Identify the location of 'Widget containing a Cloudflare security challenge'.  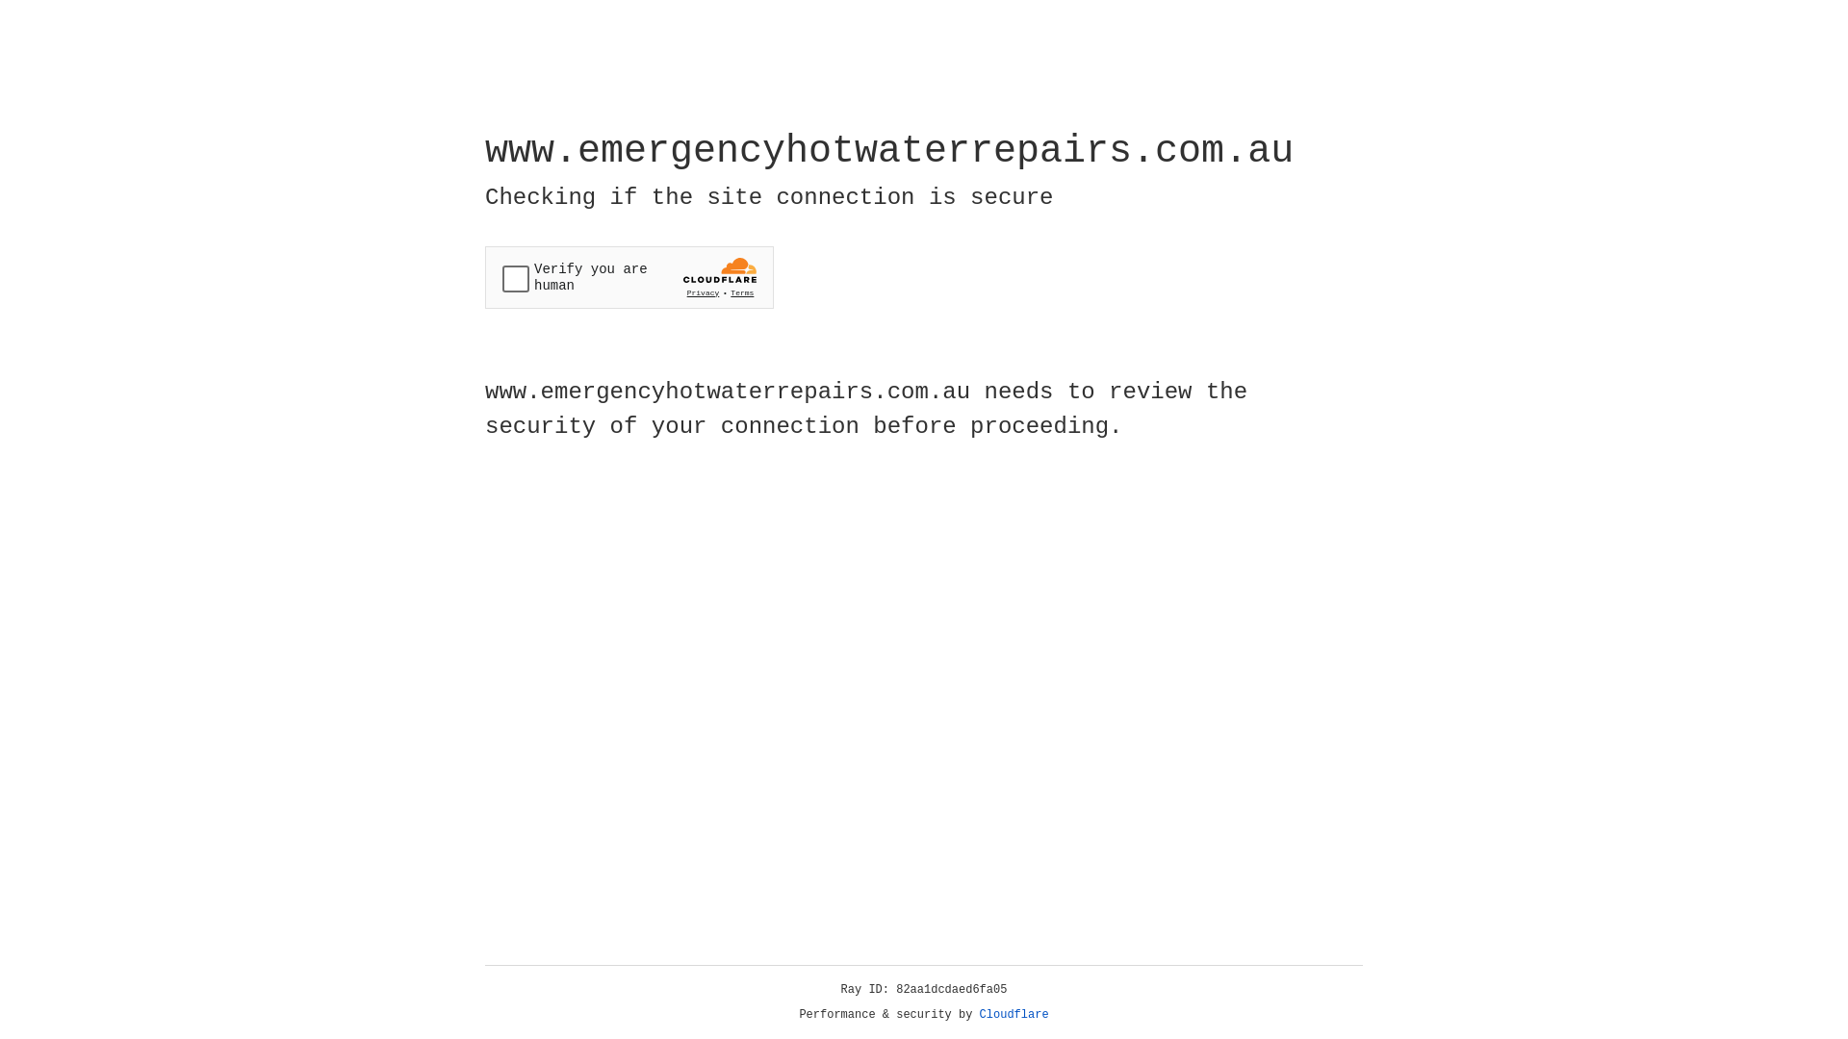
(629, 277).